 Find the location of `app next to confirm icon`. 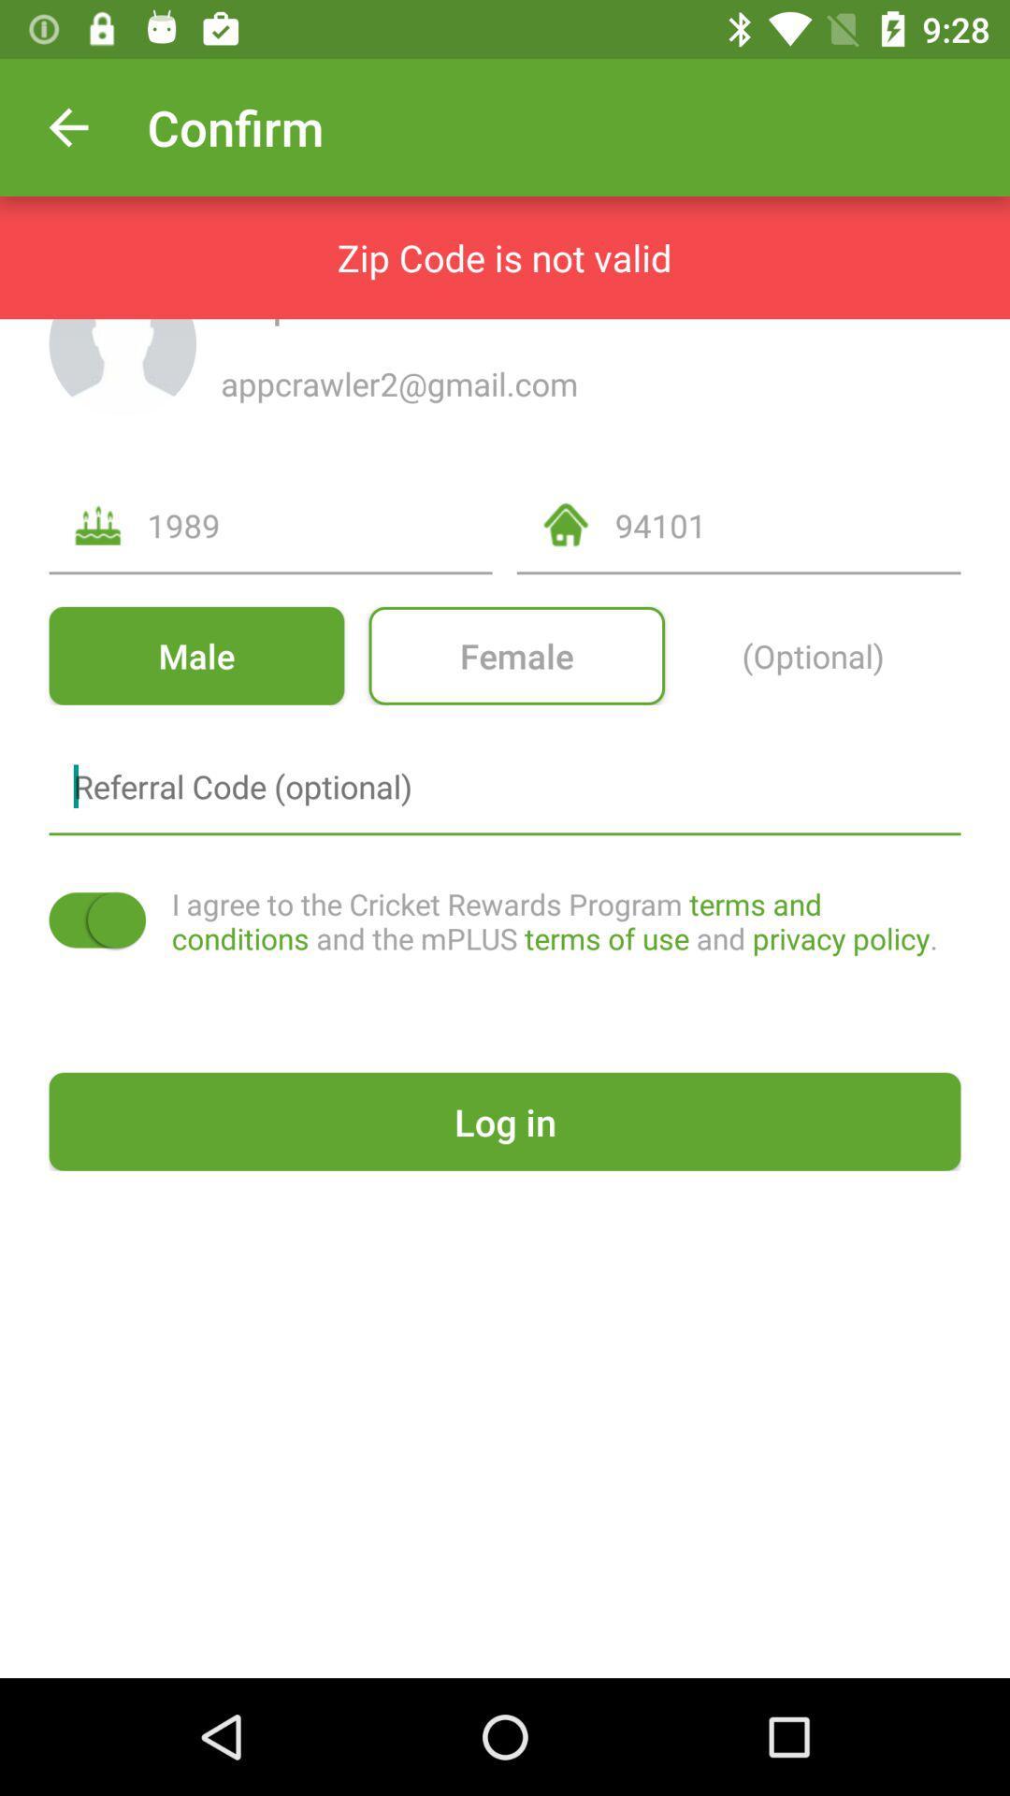

app next to confirm icon is located at coordinates (67, 126).